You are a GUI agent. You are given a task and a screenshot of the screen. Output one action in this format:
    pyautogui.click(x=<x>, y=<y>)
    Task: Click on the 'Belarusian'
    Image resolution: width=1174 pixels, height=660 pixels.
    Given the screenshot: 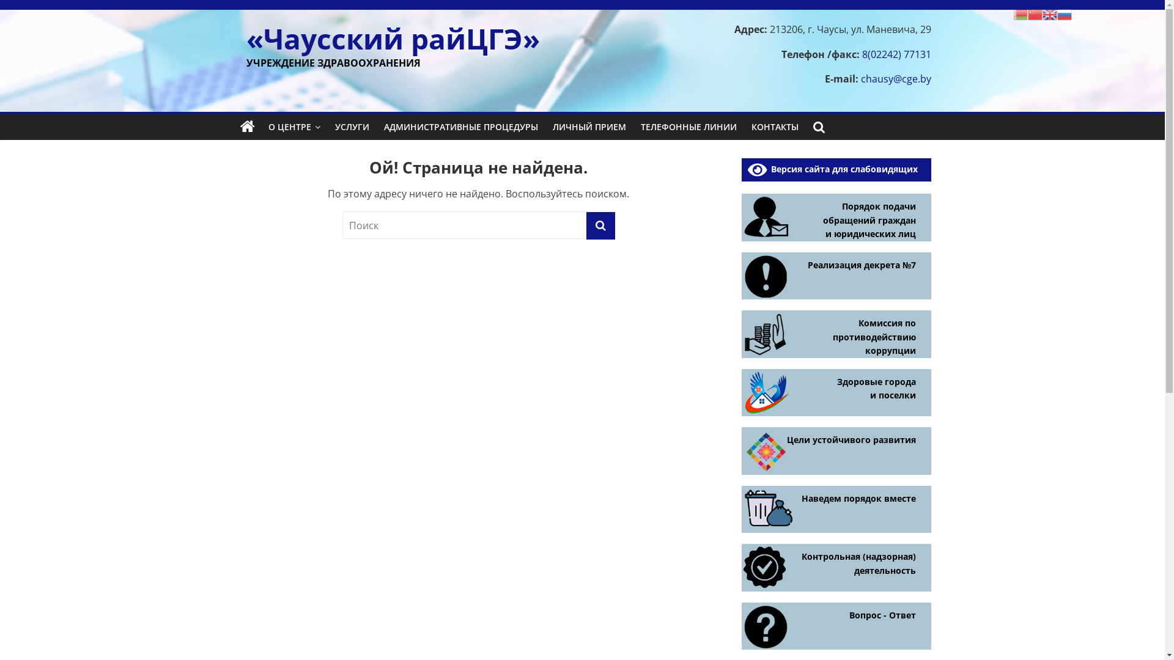 What is the action you would take?
    pyautogui.click(x=1013, y=13)
    